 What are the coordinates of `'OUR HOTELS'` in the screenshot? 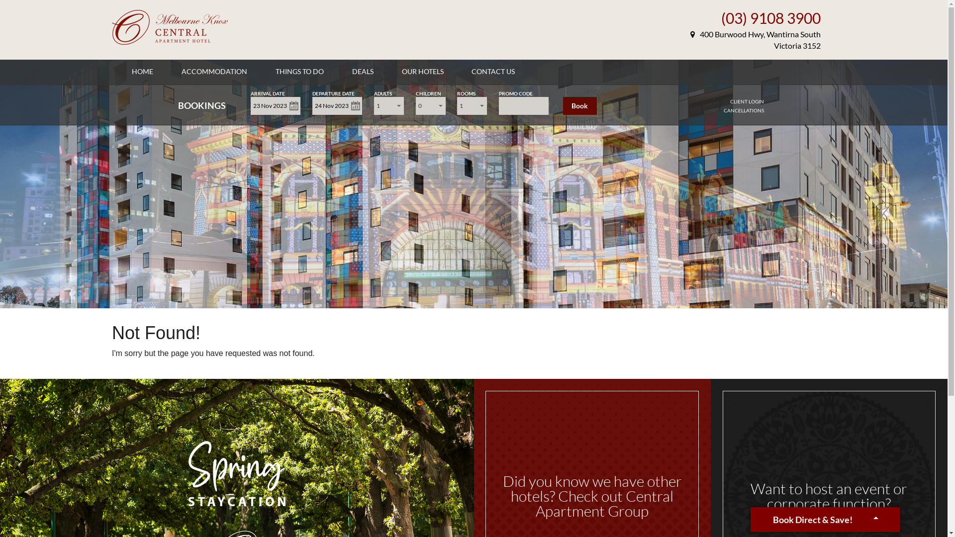 It's located at (422, 71).